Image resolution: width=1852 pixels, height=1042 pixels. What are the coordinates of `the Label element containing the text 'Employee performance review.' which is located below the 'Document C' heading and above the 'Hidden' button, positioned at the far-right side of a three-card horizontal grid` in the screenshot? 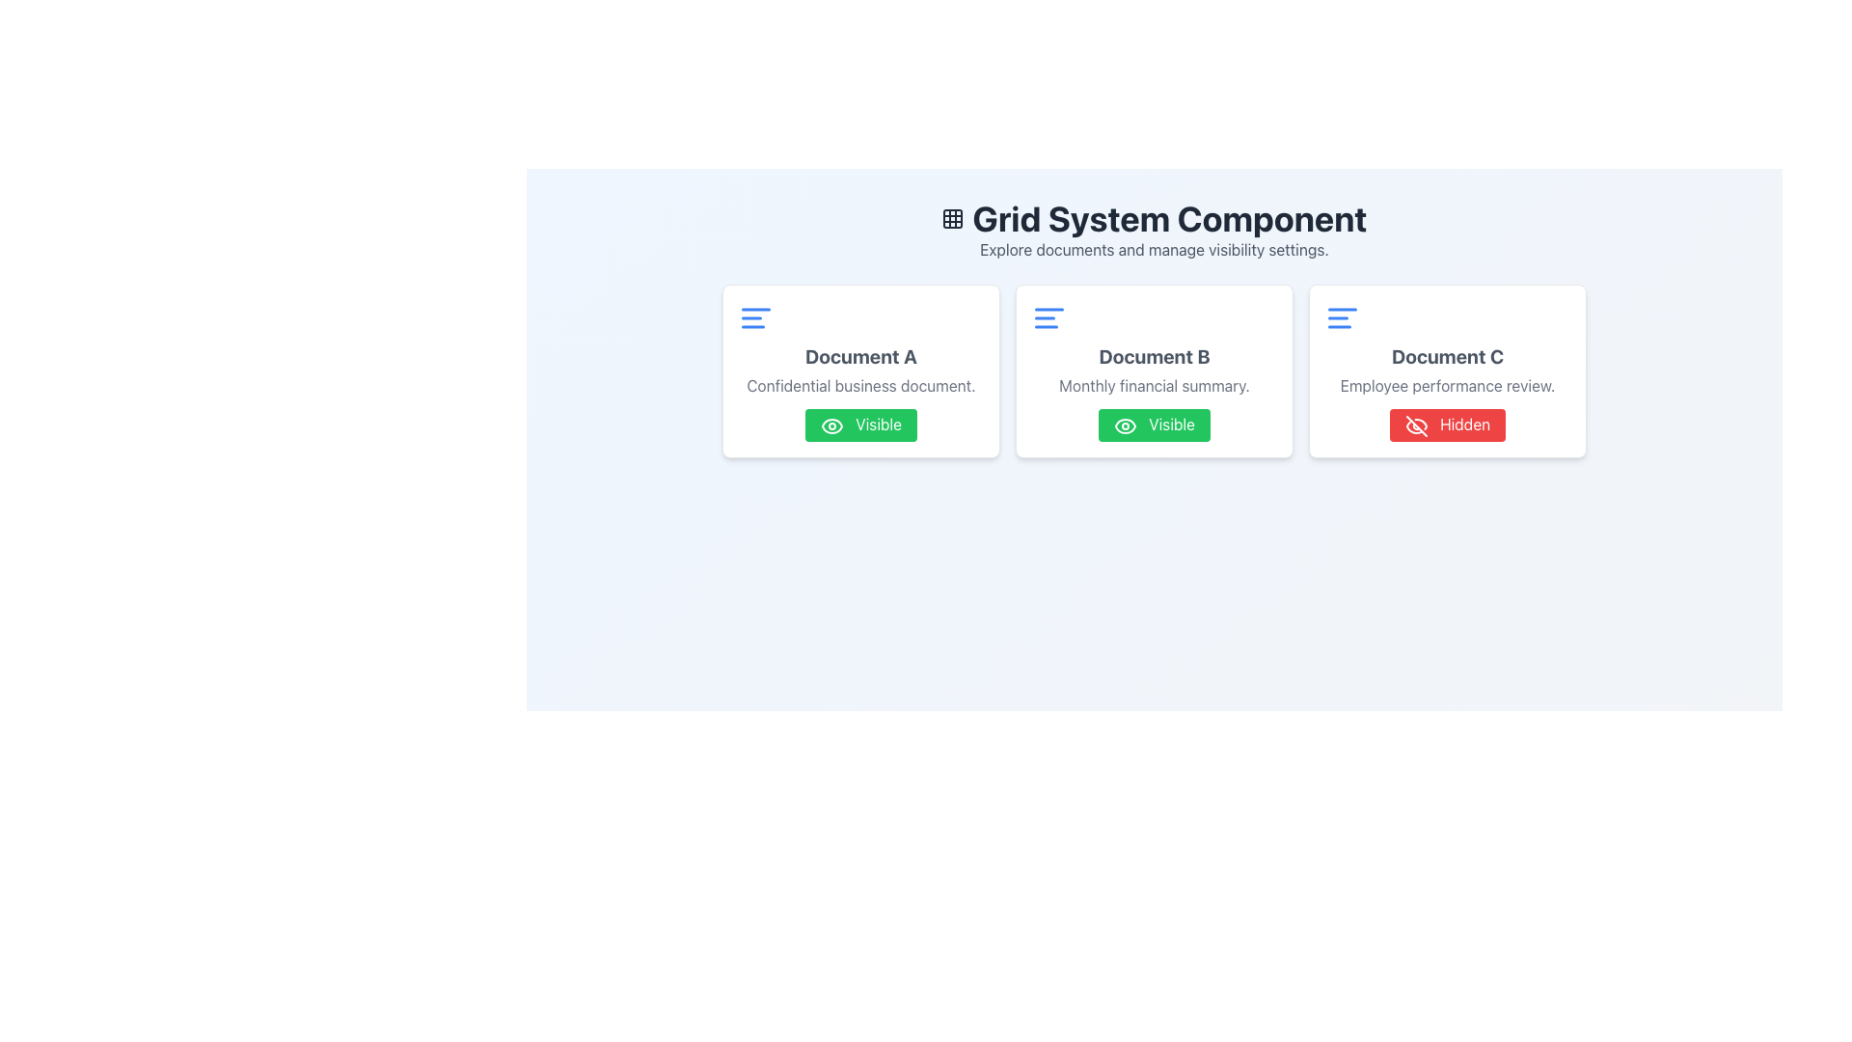 It's located at (1448, 386).